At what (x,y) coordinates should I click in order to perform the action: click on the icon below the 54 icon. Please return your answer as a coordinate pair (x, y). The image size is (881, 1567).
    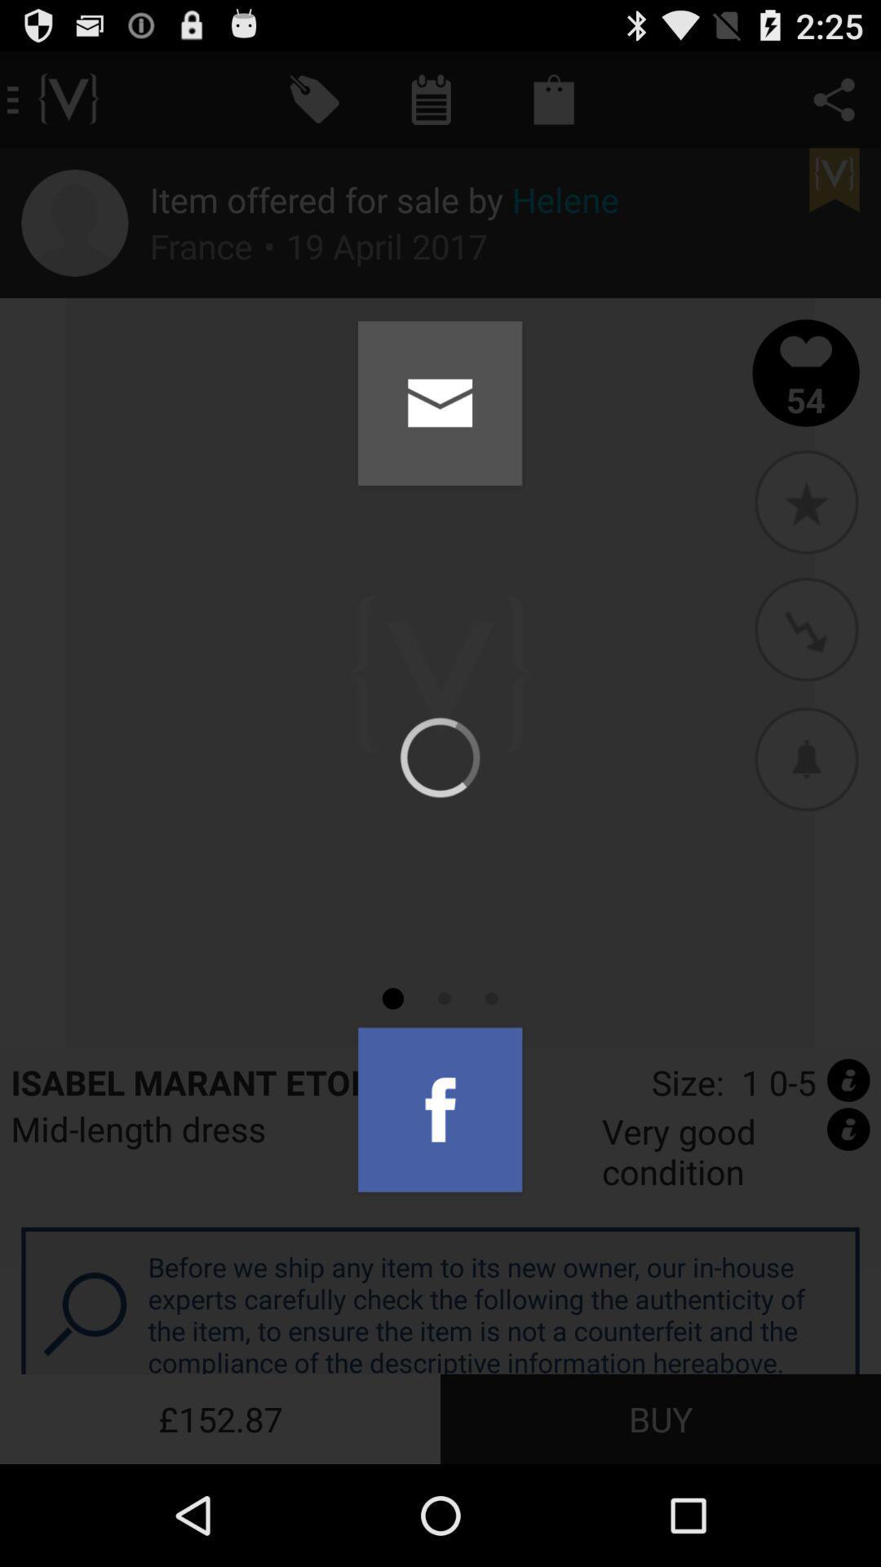
    Looking at the image, I should click on (805, 500).